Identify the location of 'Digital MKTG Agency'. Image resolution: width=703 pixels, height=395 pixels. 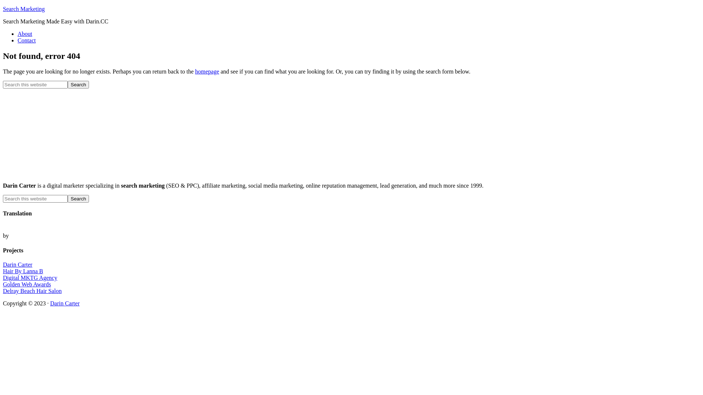
(3, 278).